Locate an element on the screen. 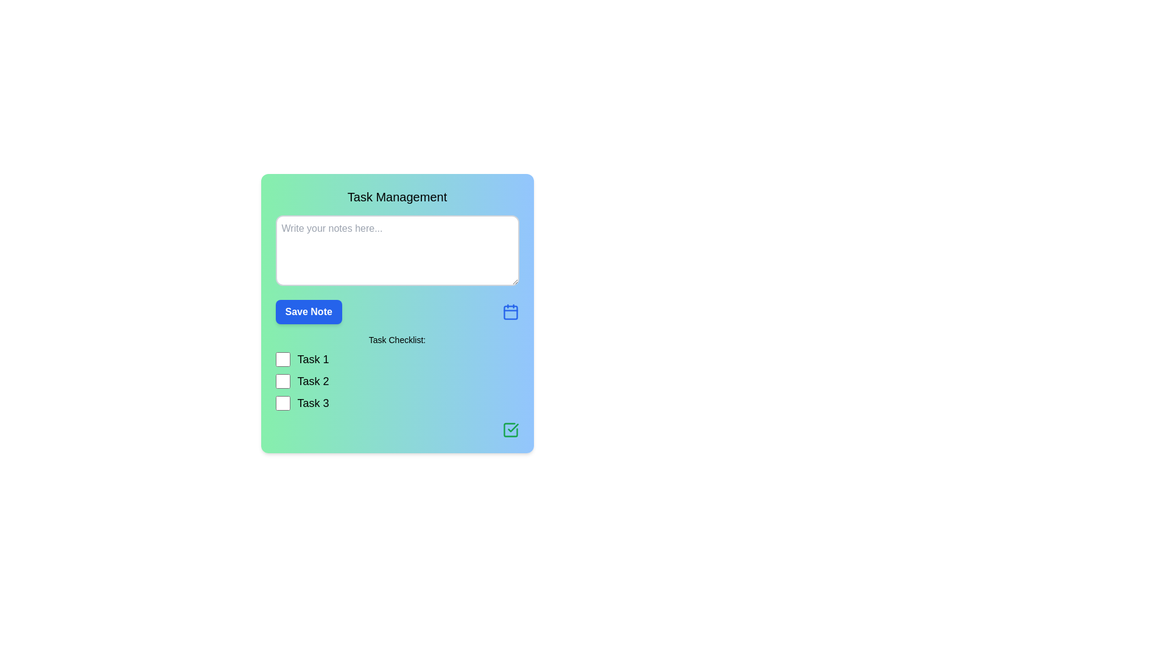 Image resolution: width=1169 pixels, height=657 pixels. the first checkbox in the task list located to the left of the text 'Task 1' is located at coordinates (282, 358).